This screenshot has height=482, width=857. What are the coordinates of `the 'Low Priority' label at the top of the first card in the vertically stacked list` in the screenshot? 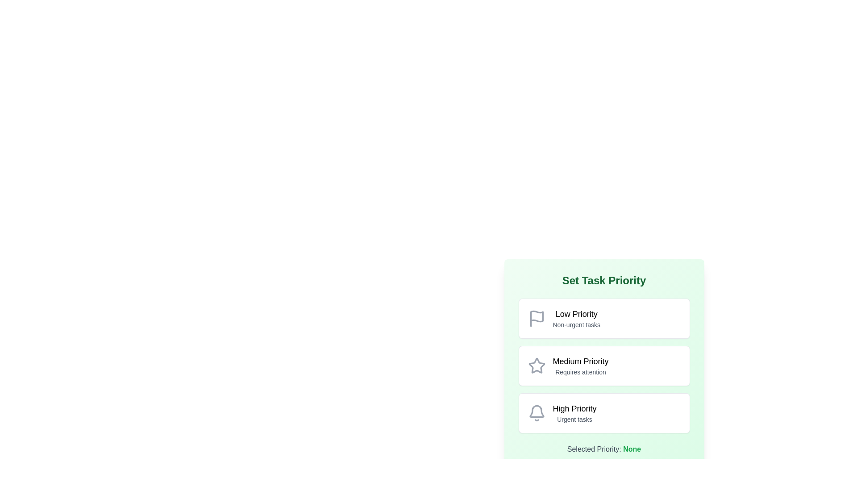 It's located at (576, 318).